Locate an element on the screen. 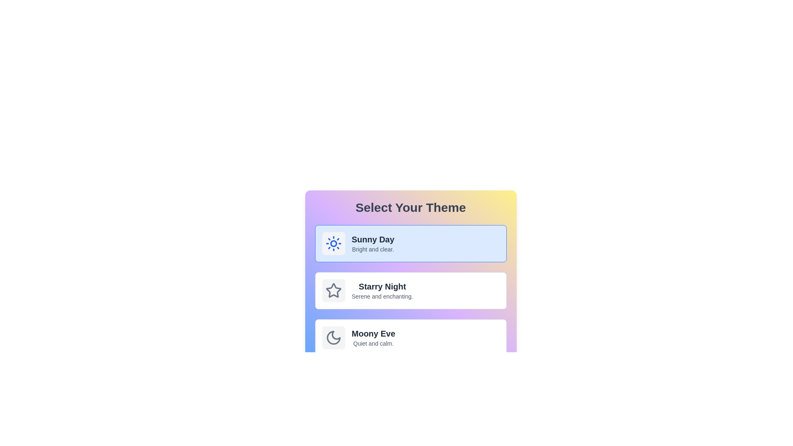 The image size is (793, 446). the sun-shaped icon with rays extending outward, styled with a blue color scheme, located at the beginning of the list of themes within the 'Sunny Day' card is located at coordinates (333, 243).